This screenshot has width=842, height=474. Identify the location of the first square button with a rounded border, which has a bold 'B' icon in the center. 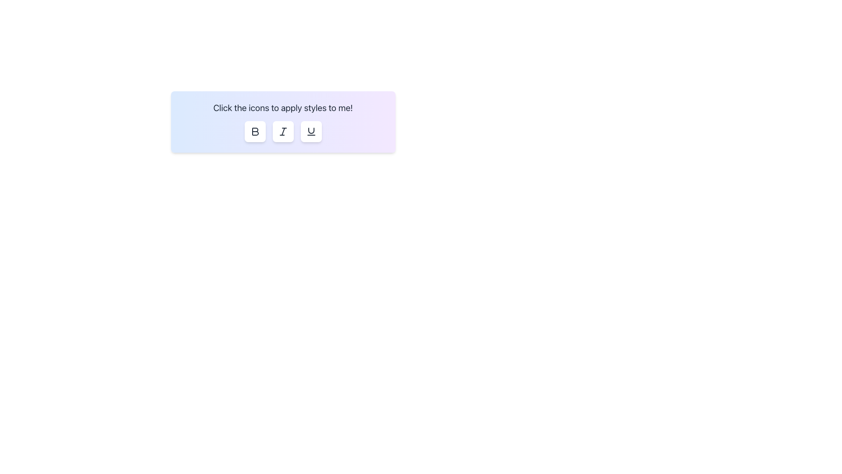
(254, 132).